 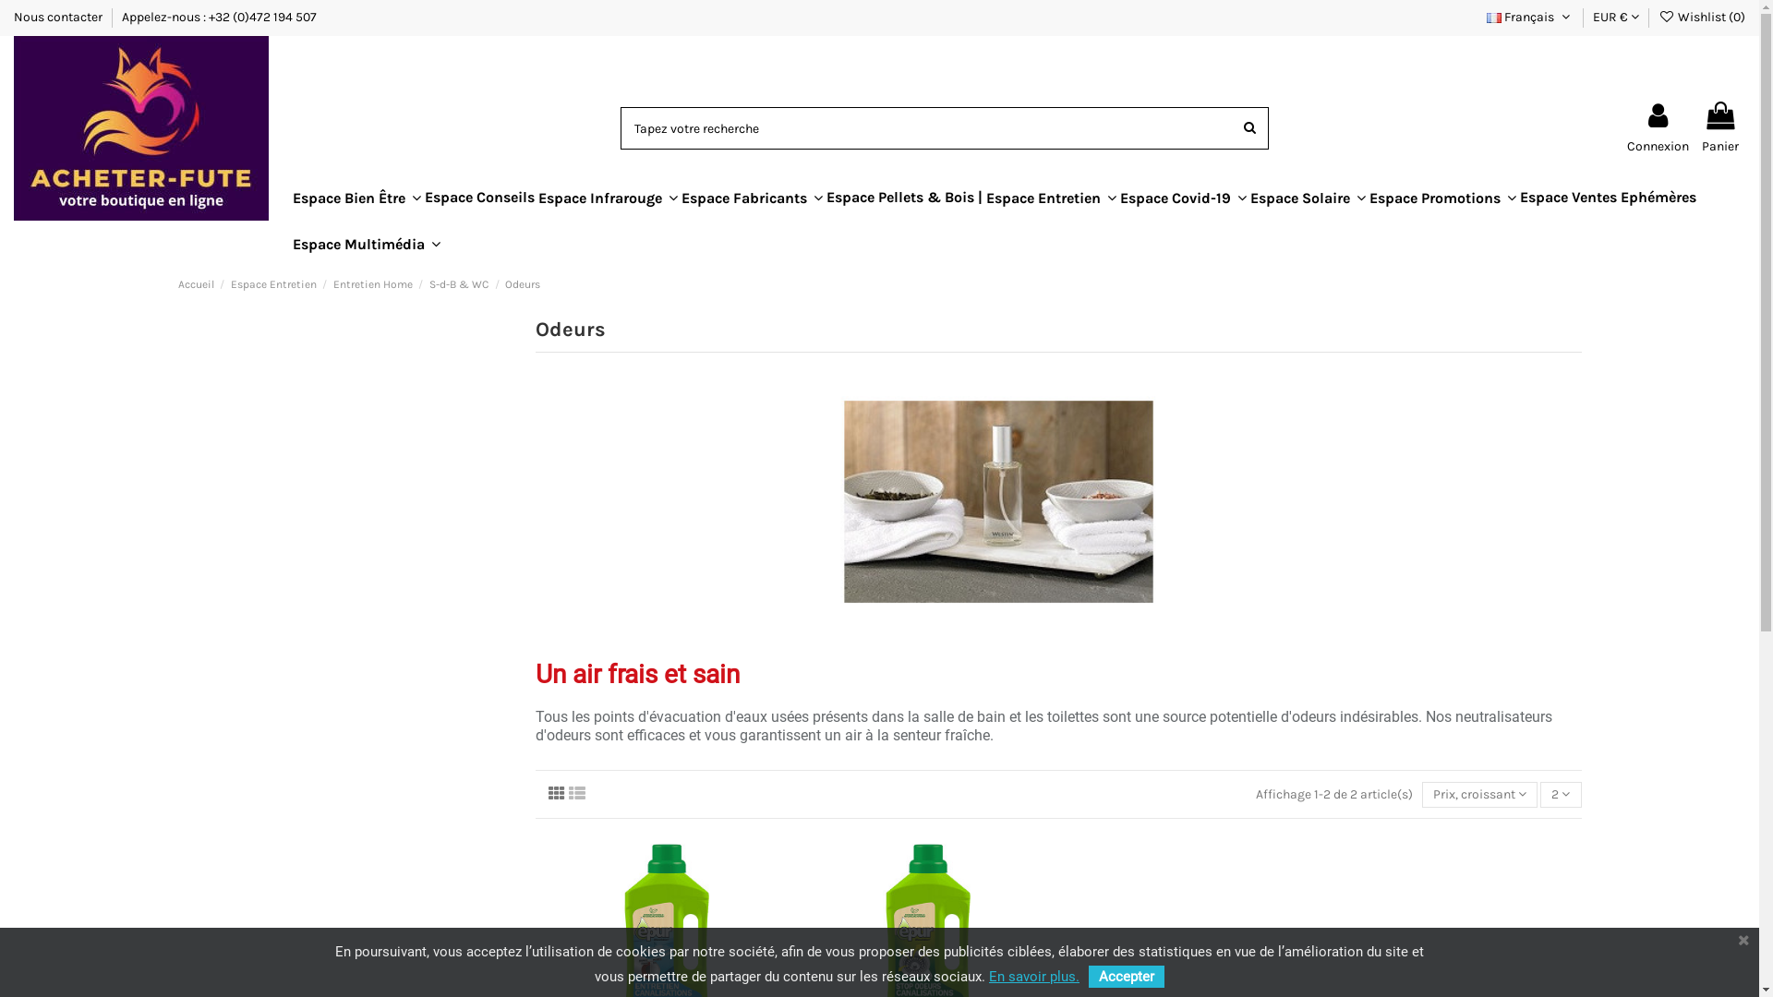 I want to click on 'Espace Covid-19', so click(x=1116, y=197).